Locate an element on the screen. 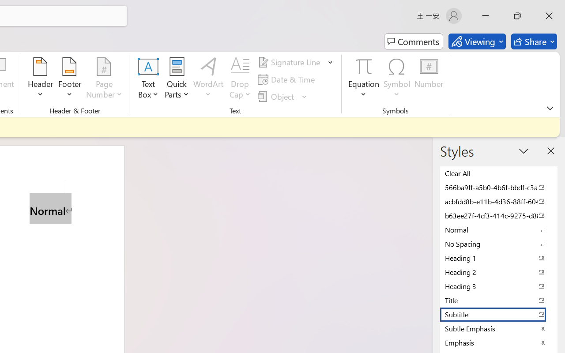 The width and height of the screenshot is (565, 353). 'Number...' is located at coordinates (429, 79).